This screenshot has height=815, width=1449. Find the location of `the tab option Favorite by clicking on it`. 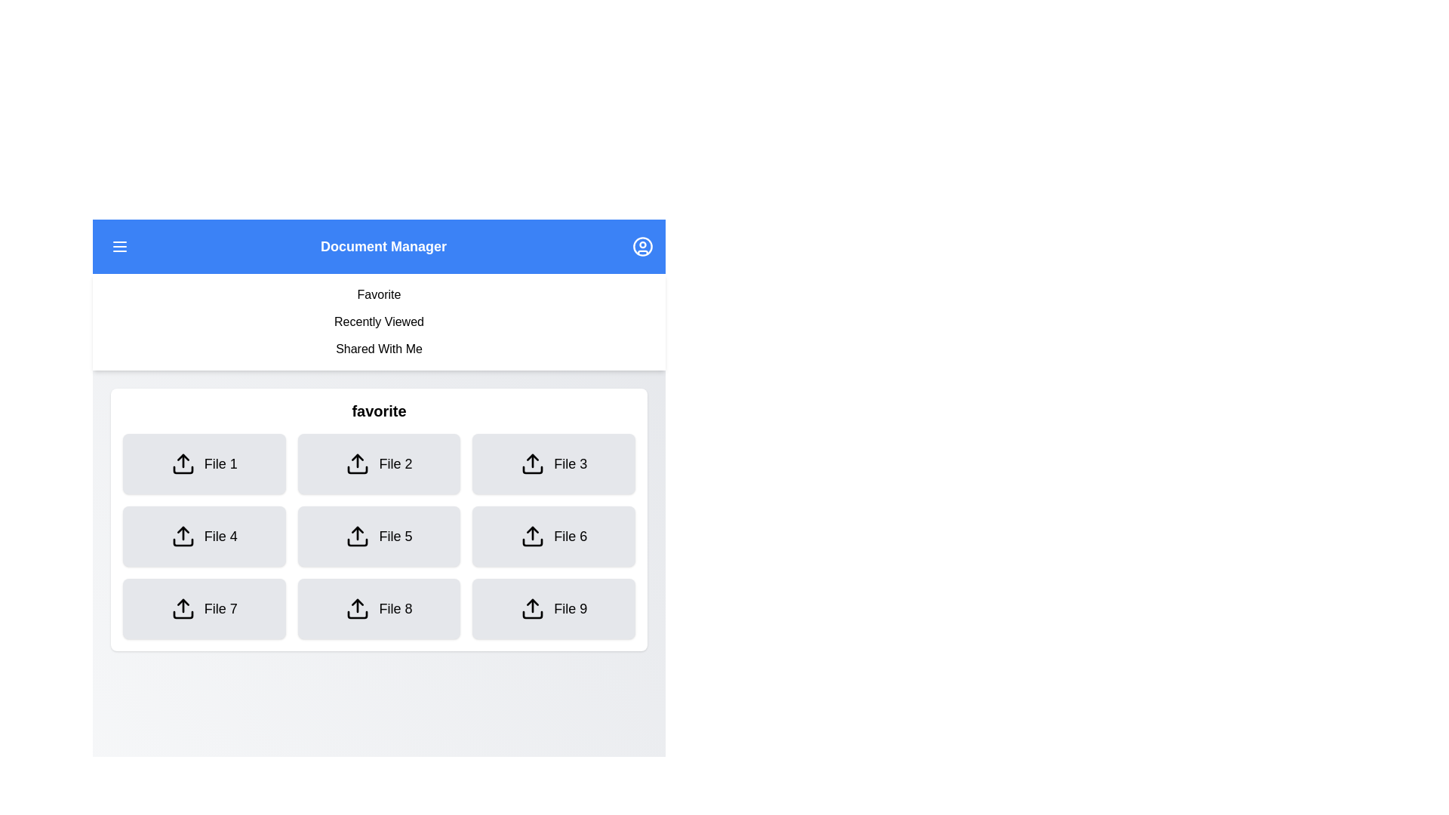

the tab option Favorite by clicking on it is located at coordinates (379, 294).